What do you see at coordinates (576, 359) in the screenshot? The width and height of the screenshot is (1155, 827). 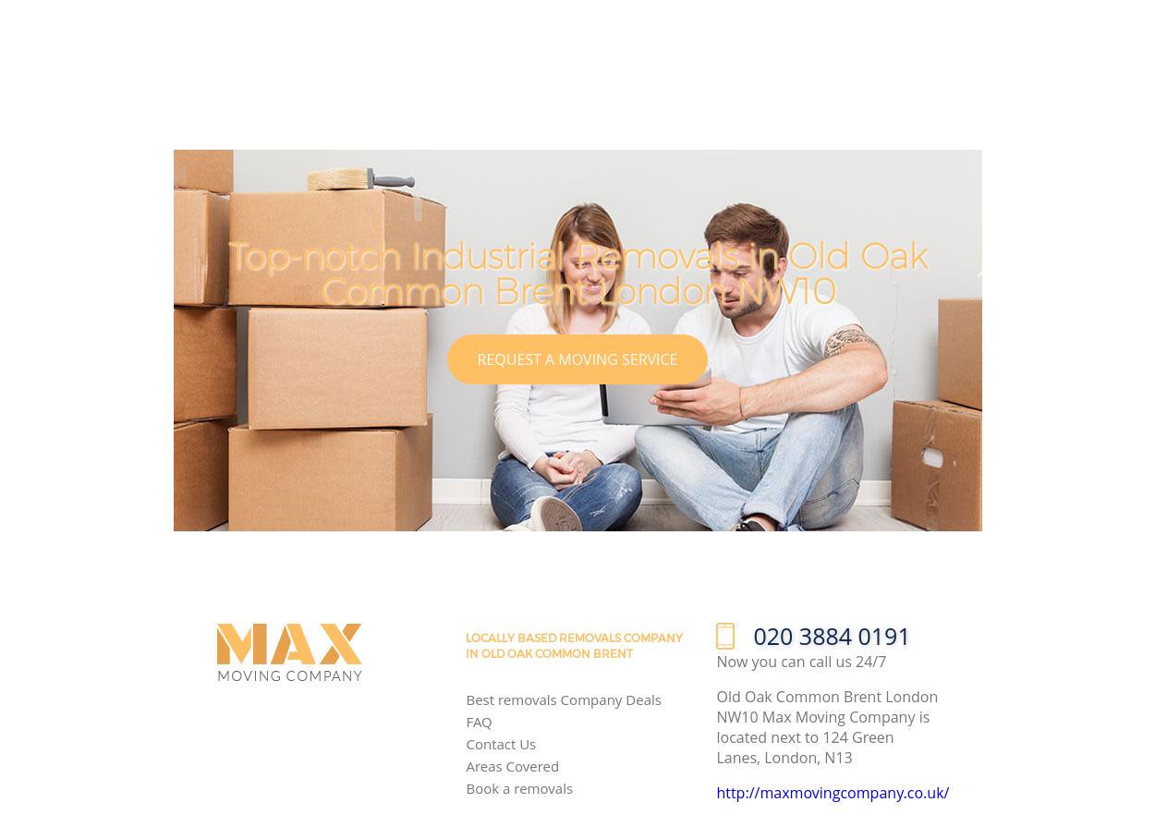 I see `'Request a Moving Service'` at bounding box center [576, 359].